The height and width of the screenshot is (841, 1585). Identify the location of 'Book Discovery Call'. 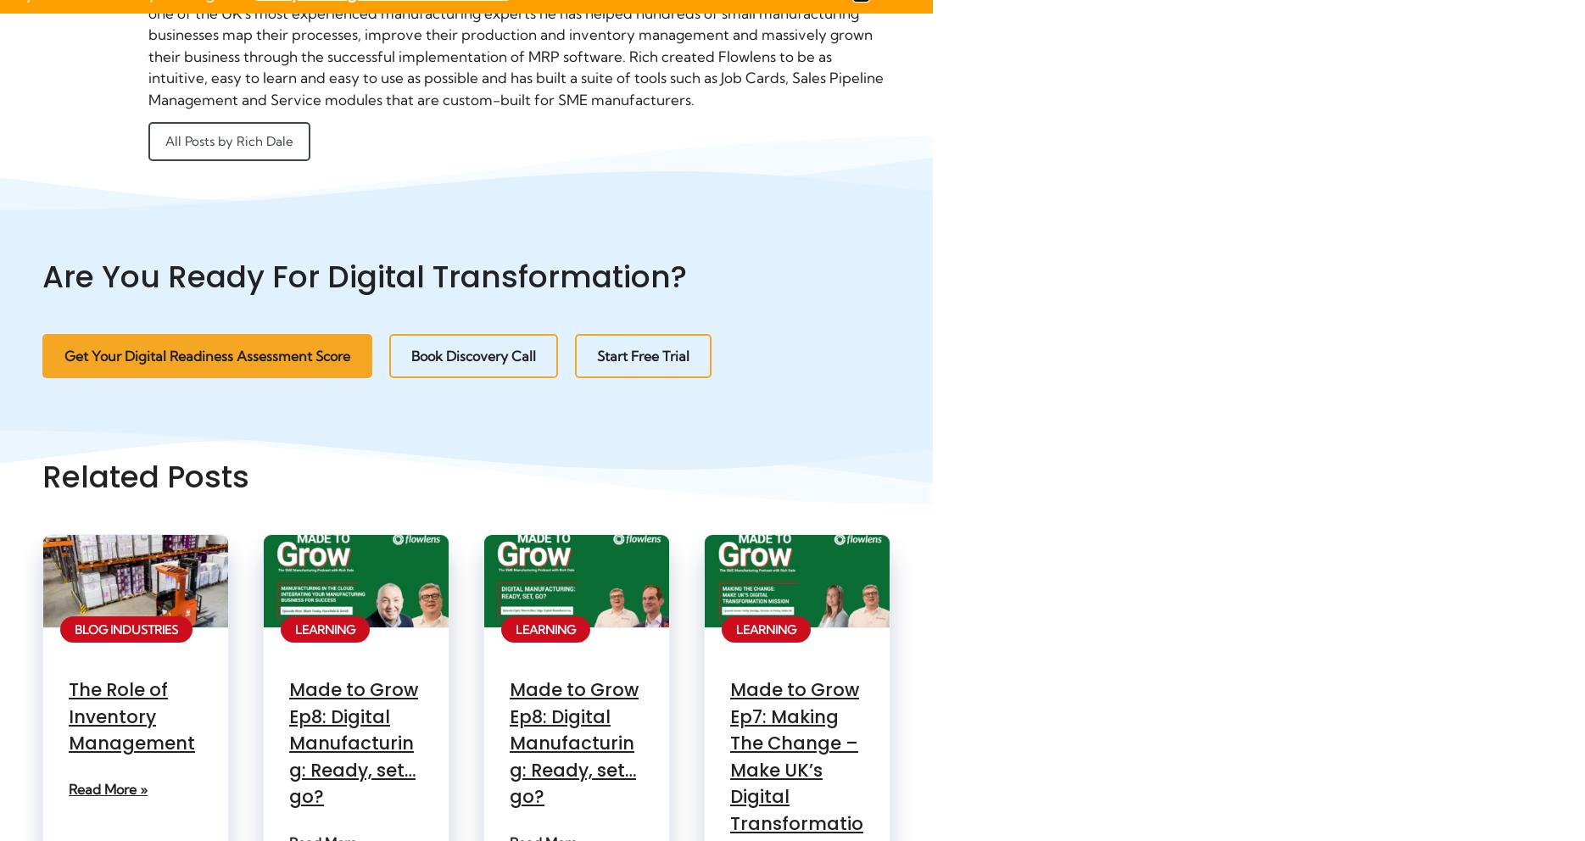
(473, 355).